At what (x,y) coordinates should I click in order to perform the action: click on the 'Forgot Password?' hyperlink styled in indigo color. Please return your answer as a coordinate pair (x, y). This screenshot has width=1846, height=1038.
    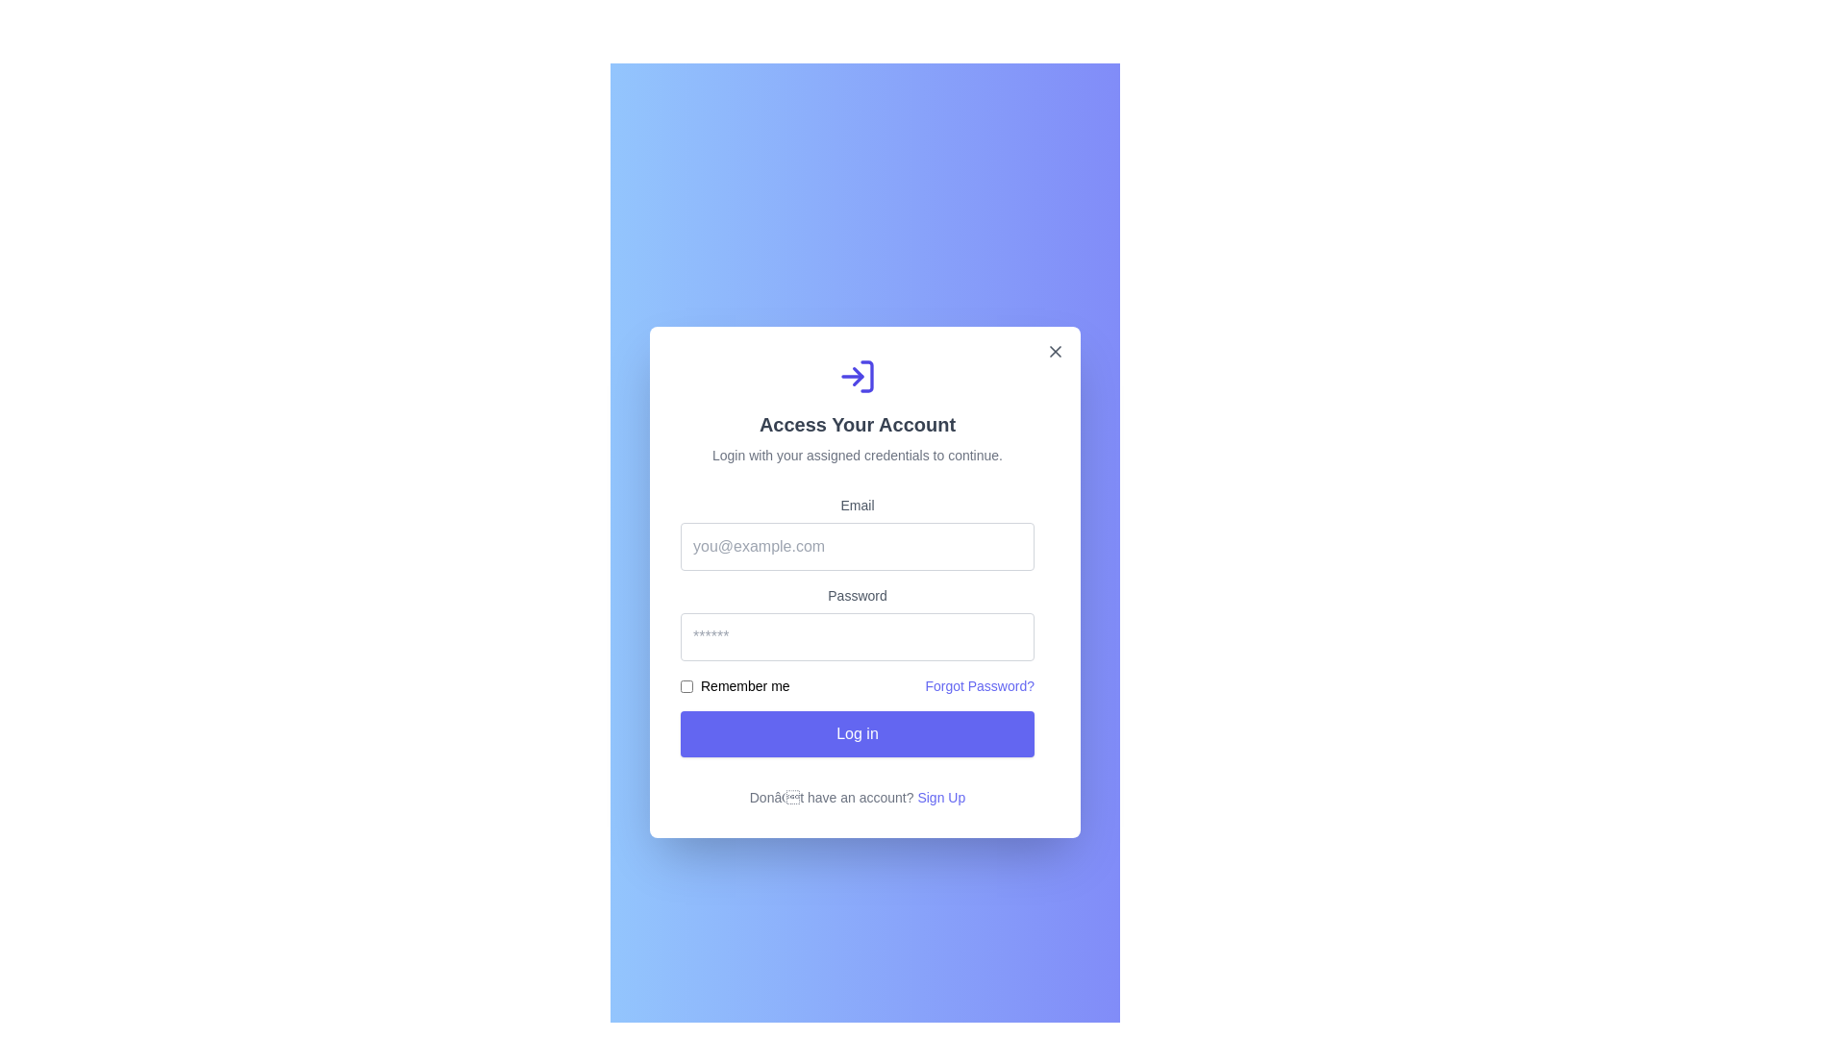
    Looking at the image, I should click on (980, 684).